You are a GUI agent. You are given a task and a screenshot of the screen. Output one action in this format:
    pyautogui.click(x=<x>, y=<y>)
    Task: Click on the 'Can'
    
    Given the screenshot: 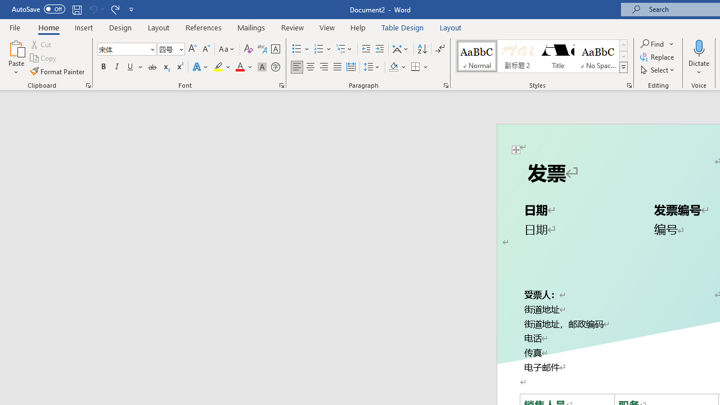 What is the action you would take?
    pyautogui.click(x=96, y=9)
    